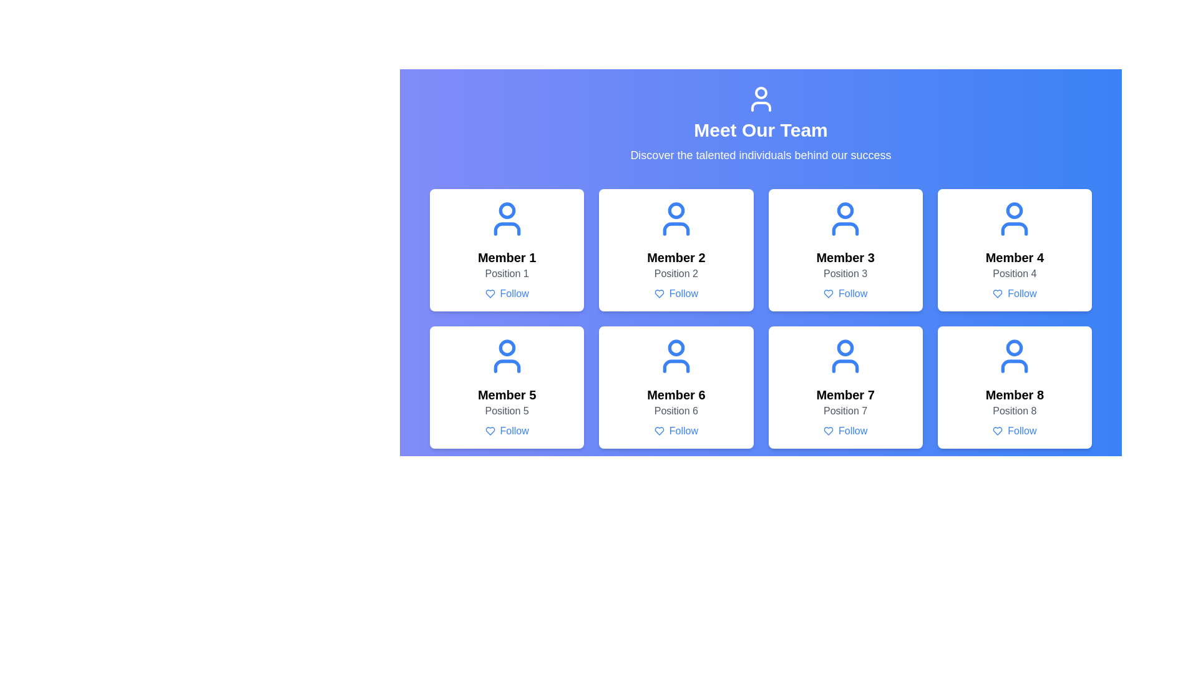 The height and width of the screenshot is (674, 1198). Describe the element at coordinates (997, 293) in the screenshot. I see `the like or favorite icon located in the user card for 'Member 4', which is positioned to the left of the 'Follow' text in the action row of the second row and second column grid` at that location.